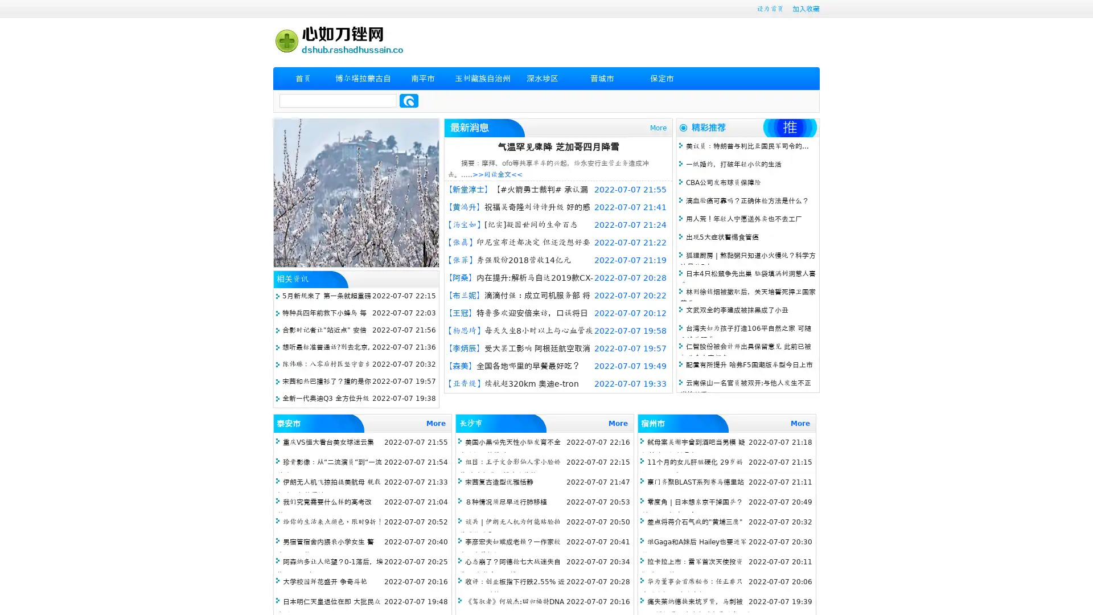 The width and height of the screenshot is (1093, 615). What do you see at coordinates (409, 100) in the screenshot?
I see `Search` at bounding box center [409, 100].